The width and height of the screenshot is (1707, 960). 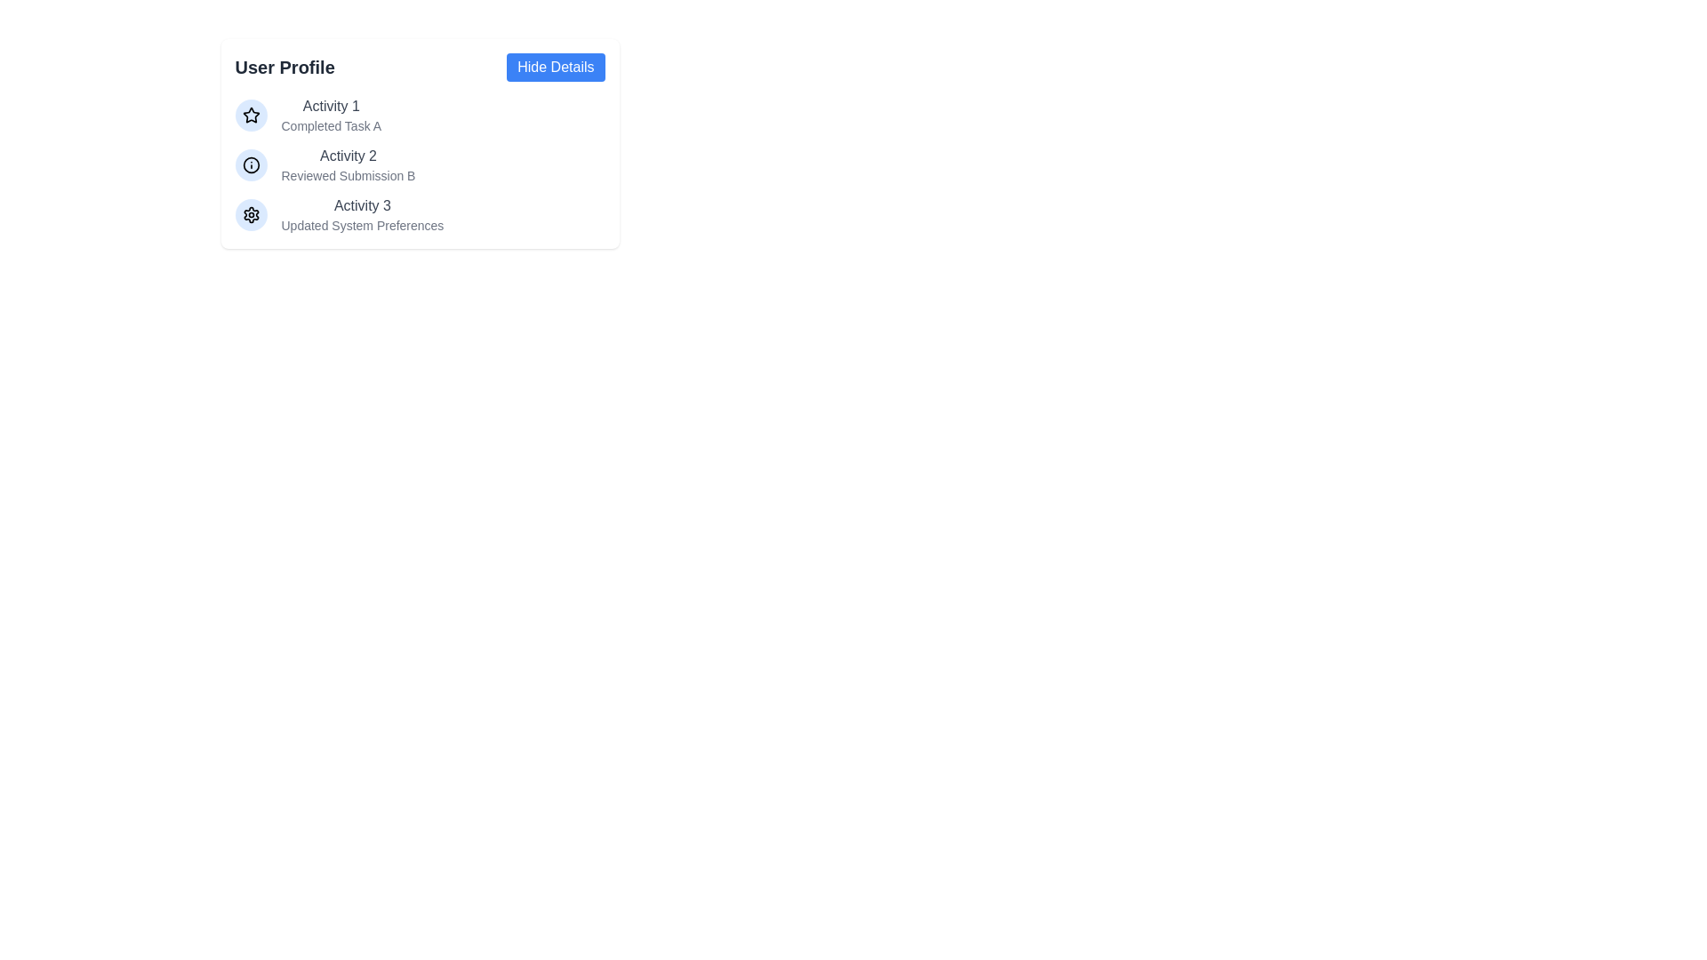 What do you see at coordinates (349, 164) in the screenshot?
I see `the Text component titled 'Activity 2' under the 'User Profile' section, which describes the activity with a bold title and supporting description` at bounding box center [349, 164].